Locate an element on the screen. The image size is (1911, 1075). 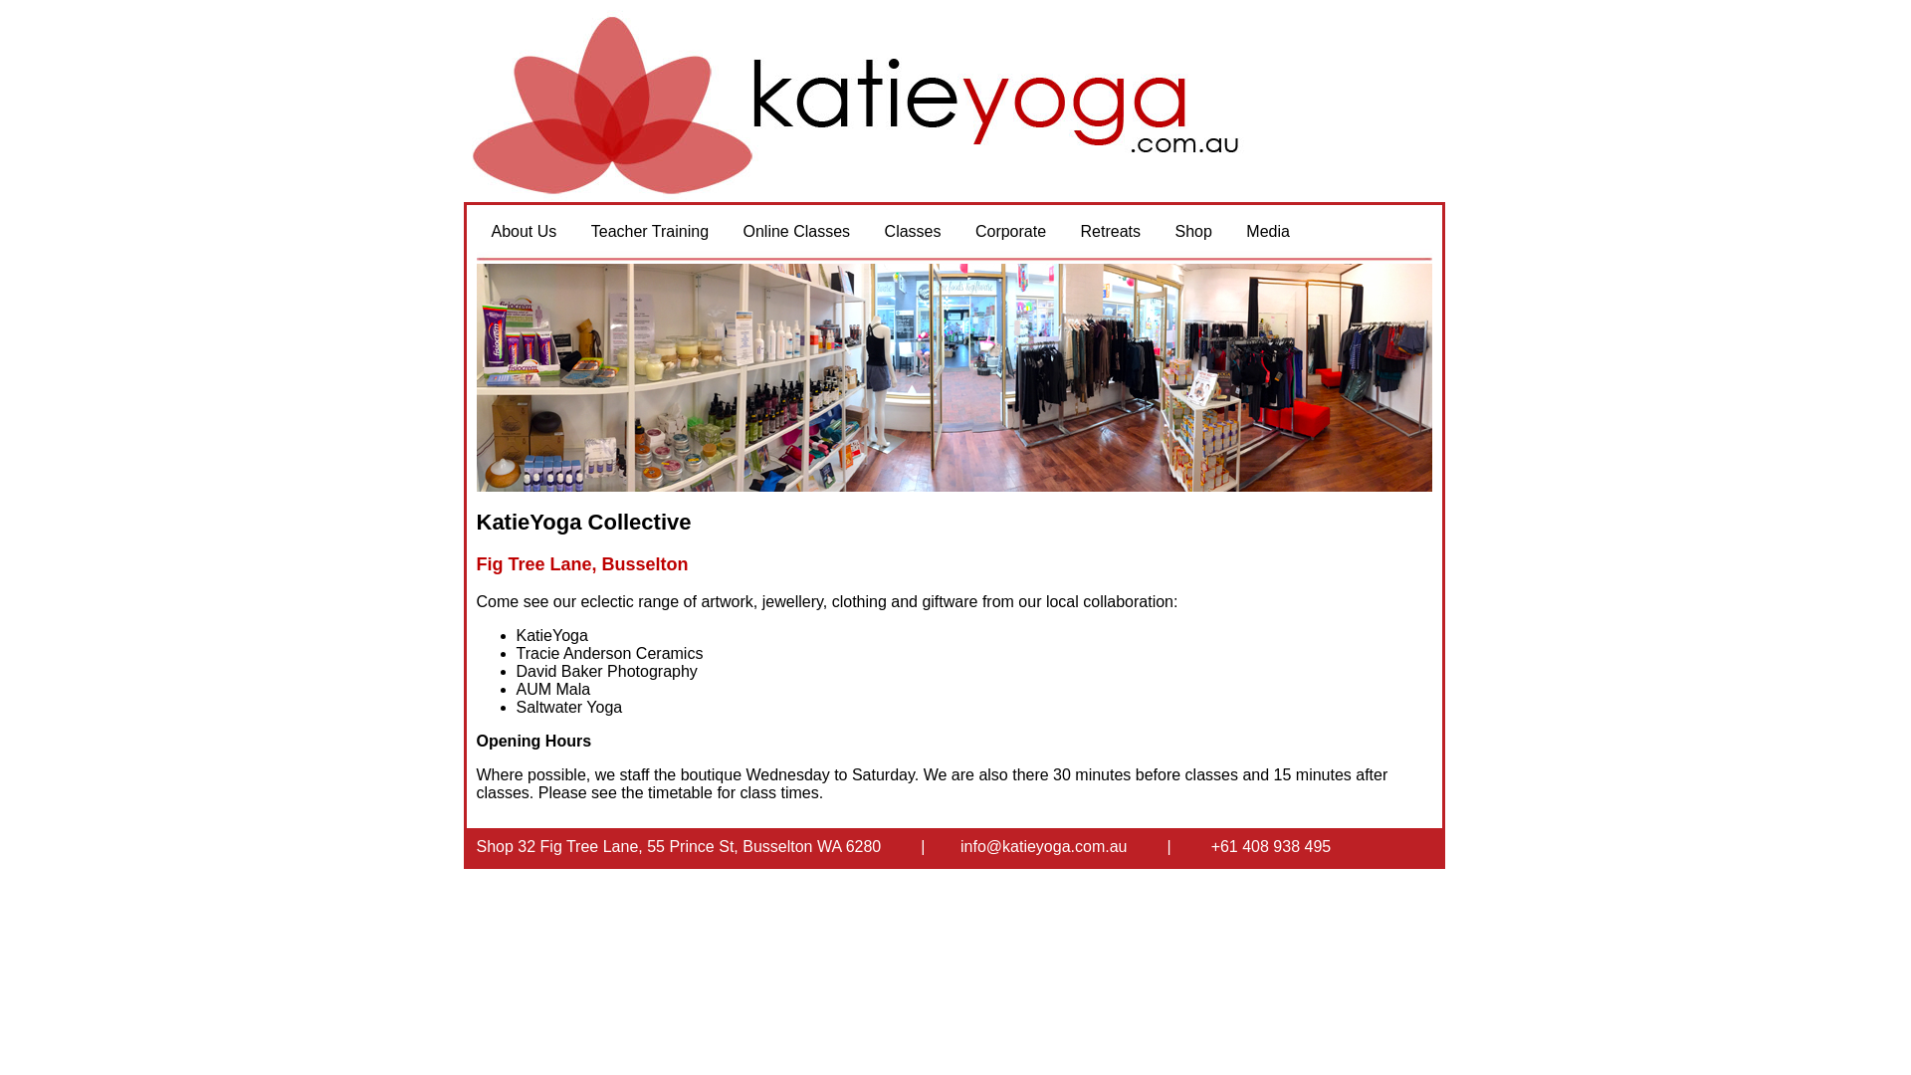
'About Us' is located at coordinates (524, 230).